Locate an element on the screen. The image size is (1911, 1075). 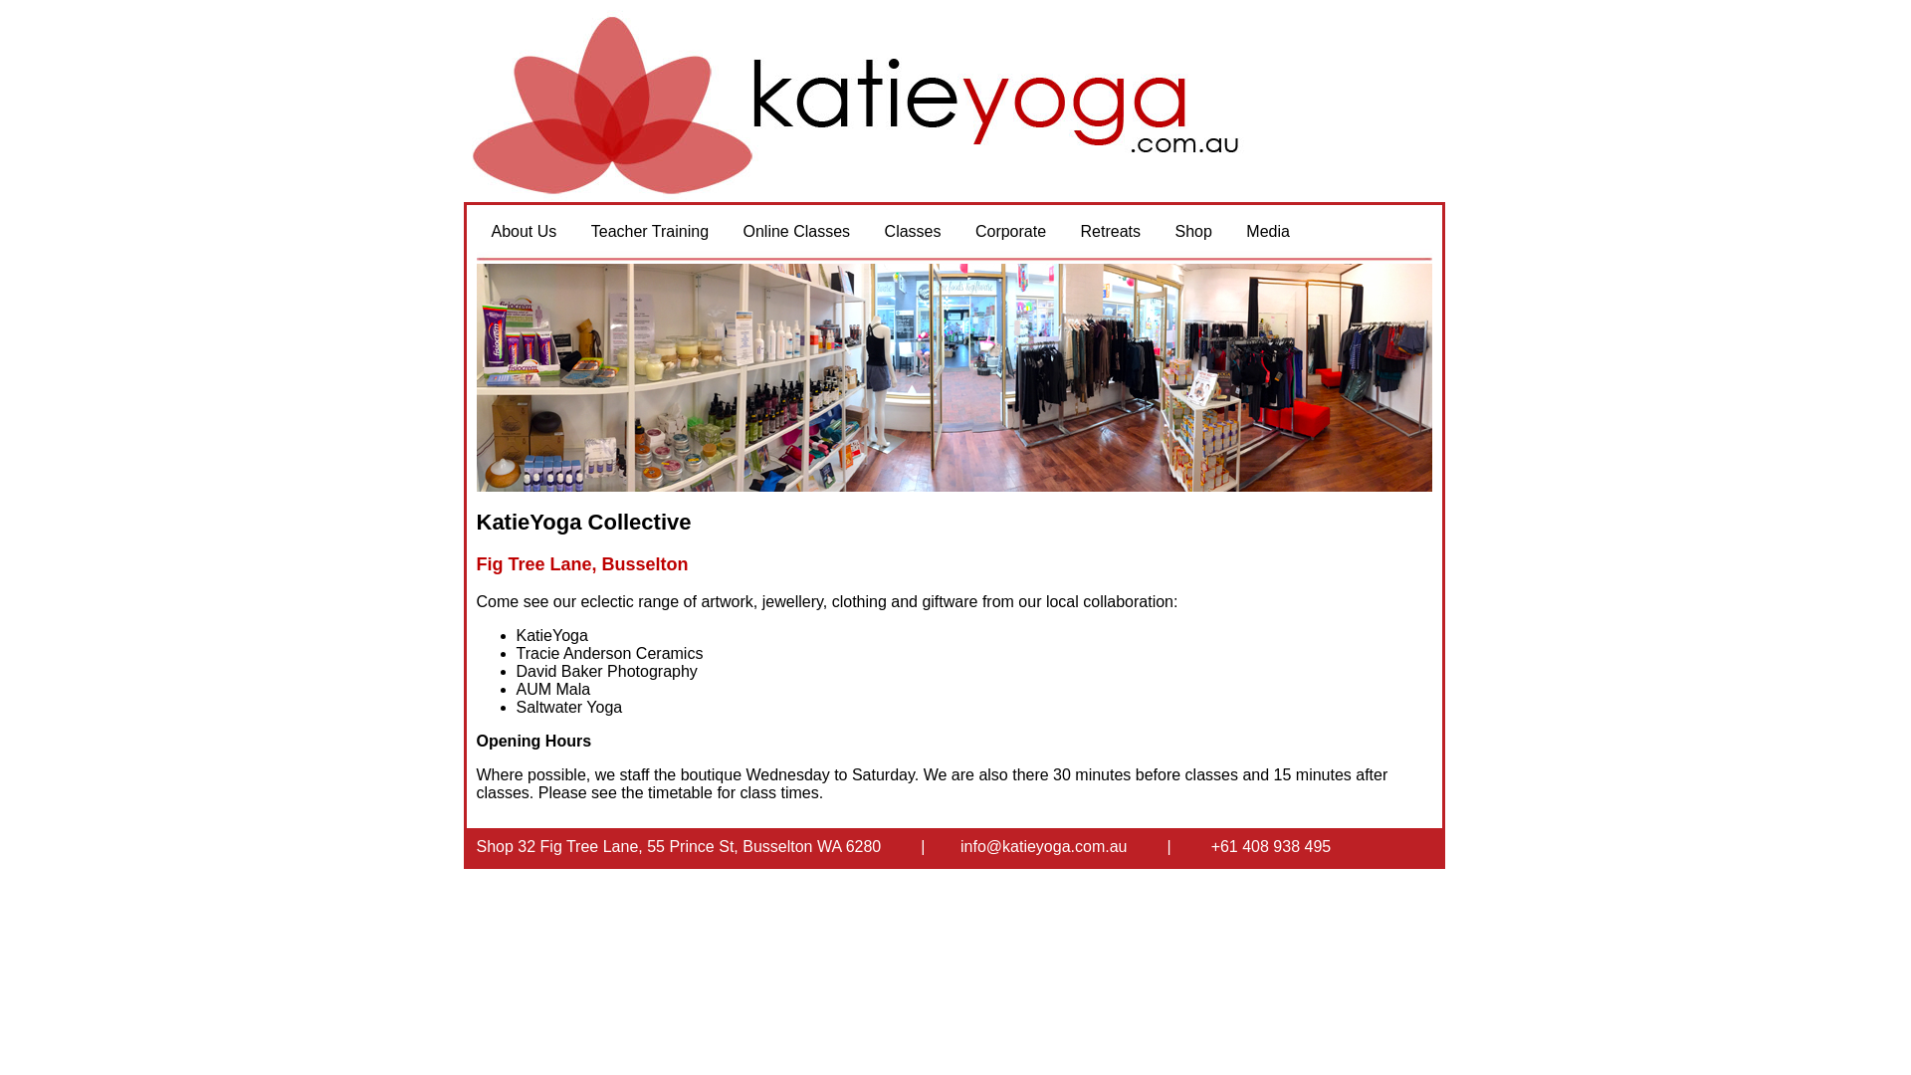
'About Us' is located at coordinates (524, 230).